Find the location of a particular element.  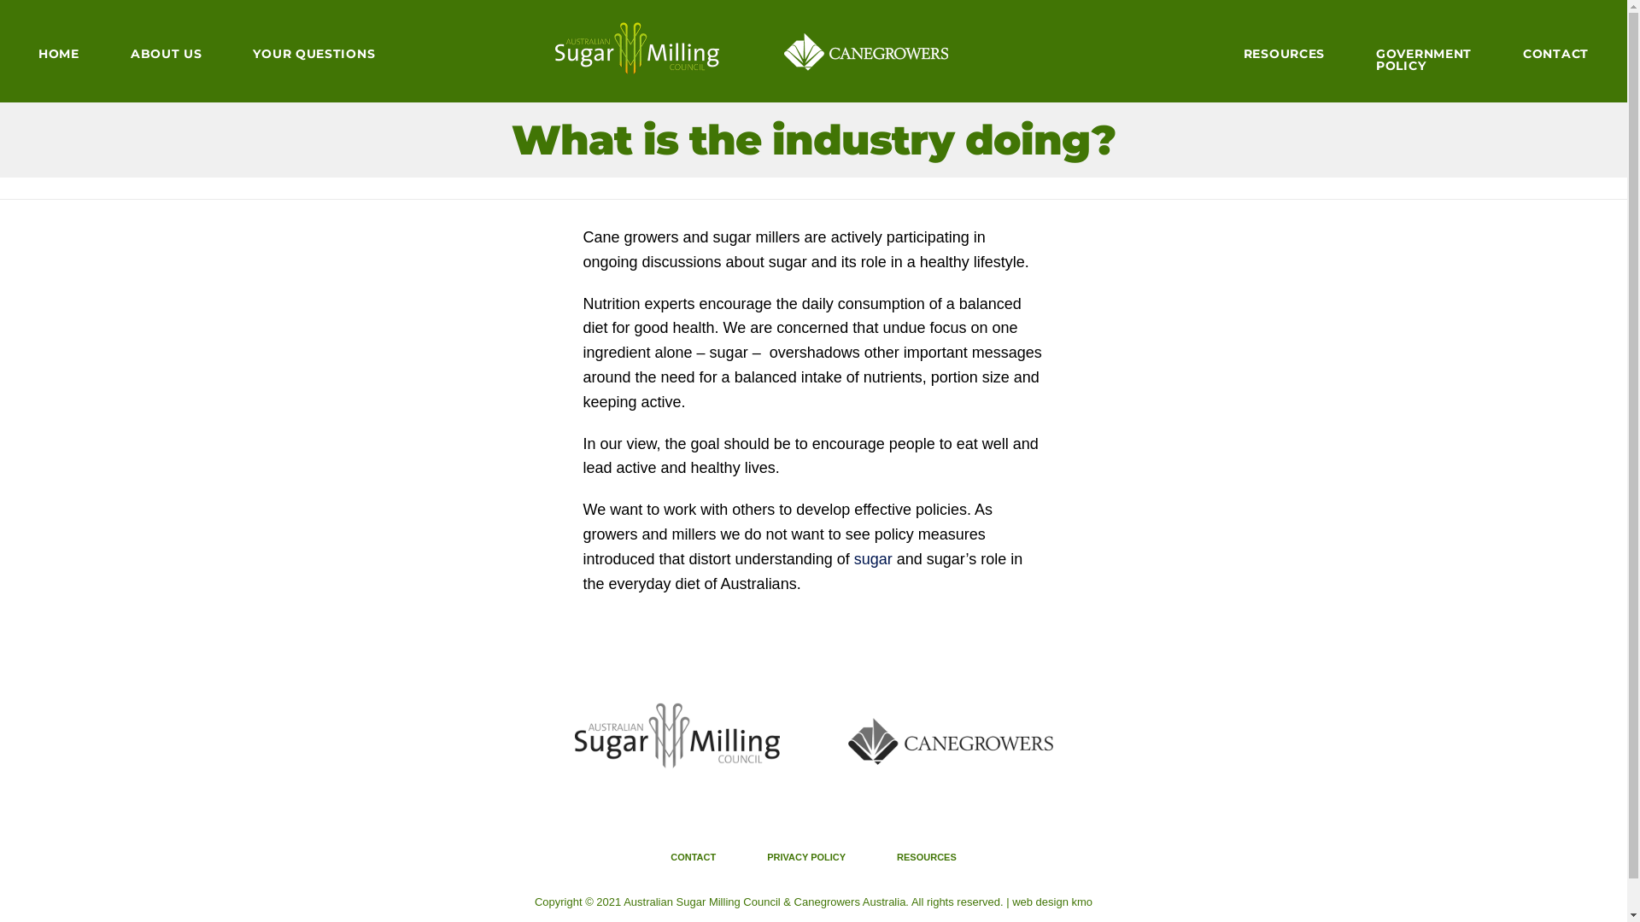

'sugar' is located at coordinates (873, 559).